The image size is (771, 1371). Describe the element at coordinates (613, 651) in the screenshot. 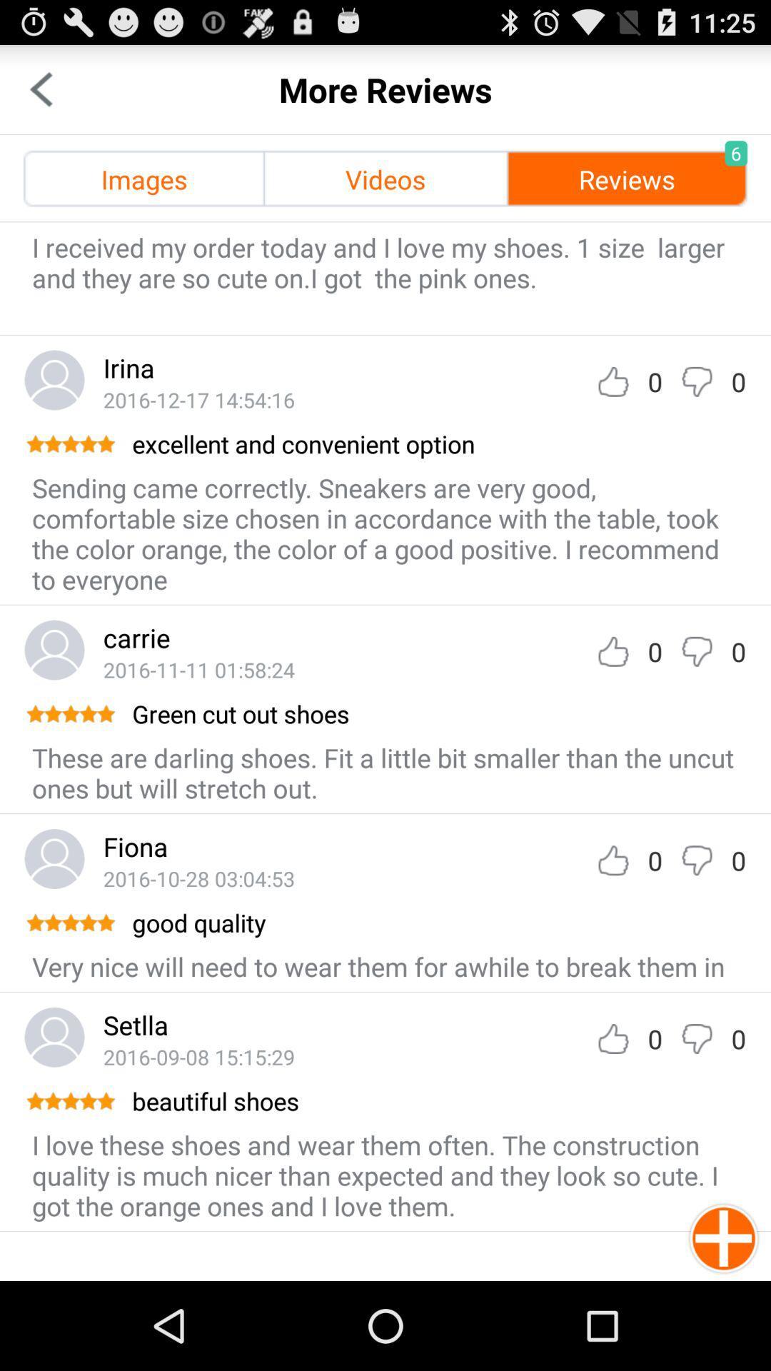

I see `like` at that location.